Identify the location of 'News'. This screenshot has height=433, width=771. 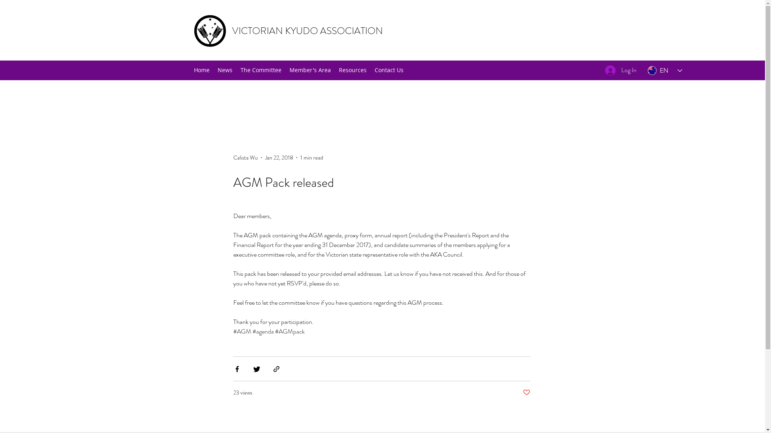
(225, 69).